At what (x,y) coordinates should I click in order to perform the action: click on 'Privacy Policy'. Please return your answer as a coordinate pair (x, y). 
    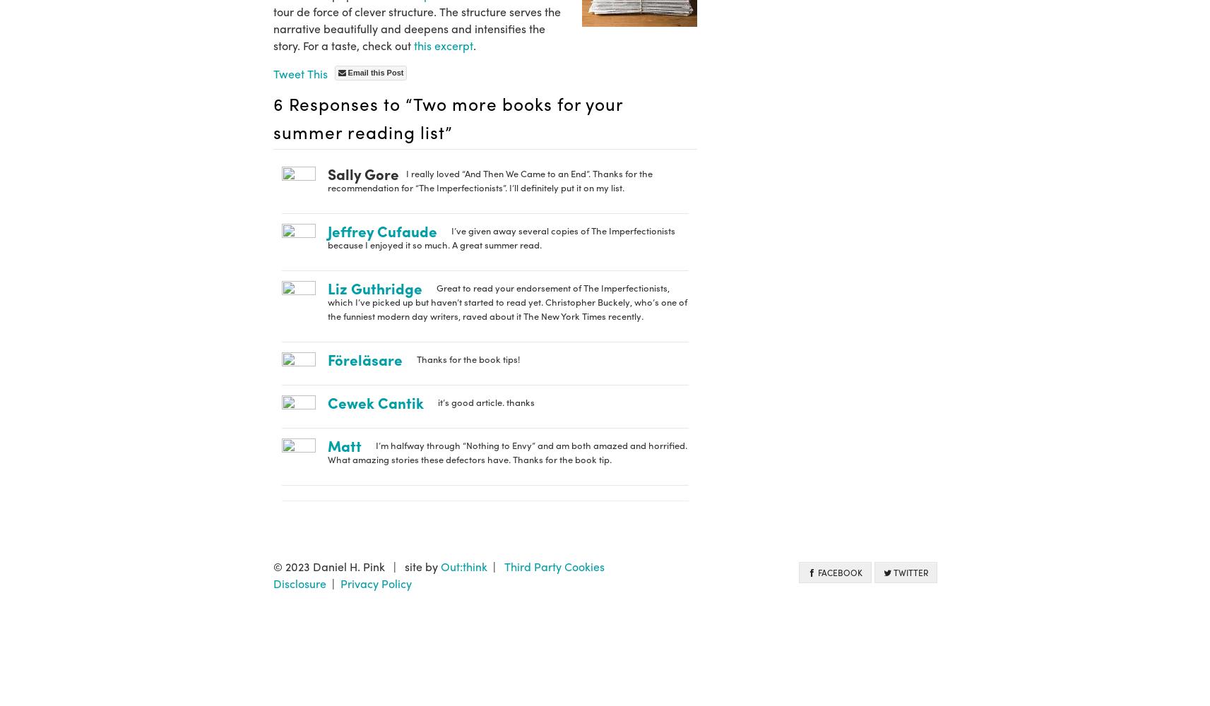
    Looking at the image, I should click on (375, 582).